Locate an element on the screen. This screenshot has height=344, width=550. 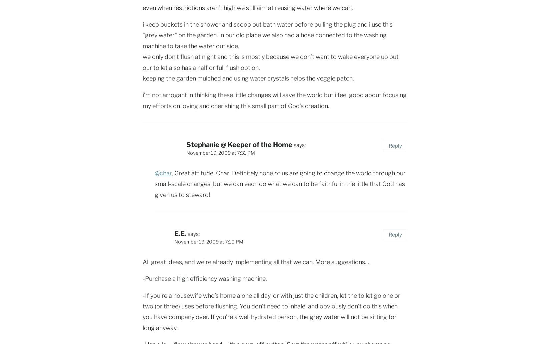
'Stephanie @ Keeper of the Home' is located at coordinates (239, 144).